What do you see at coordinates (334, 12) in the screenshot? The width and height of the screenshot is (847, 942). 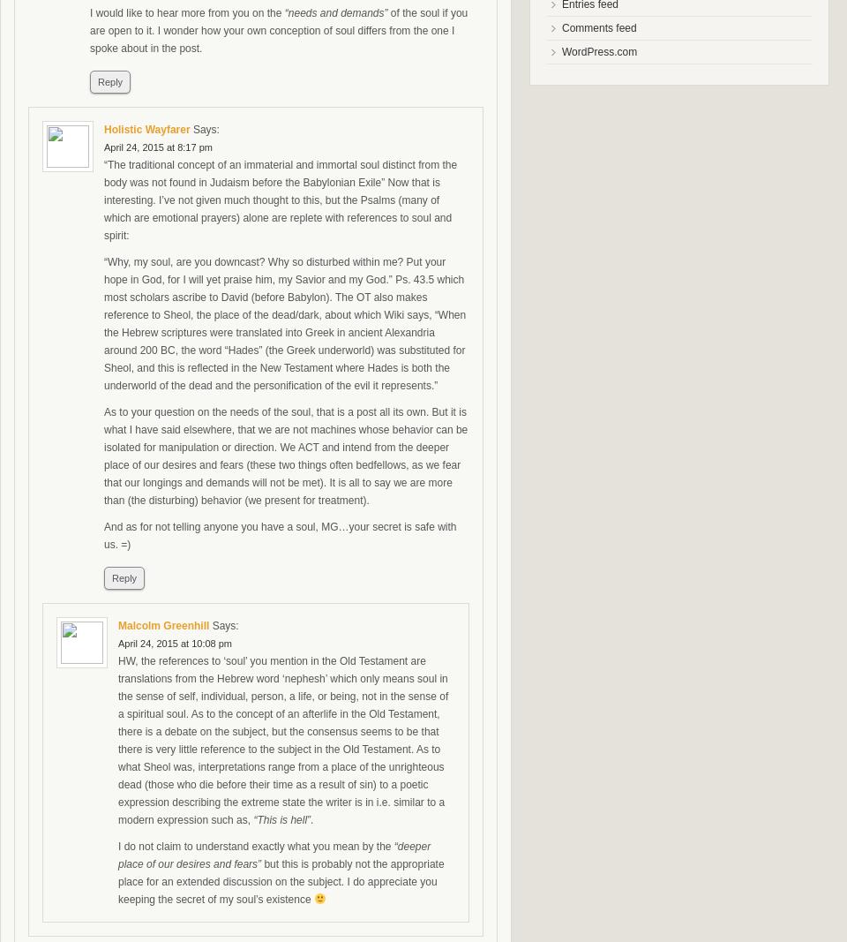 I see `'“needs and demands”'` at bounding box center [334, 12].